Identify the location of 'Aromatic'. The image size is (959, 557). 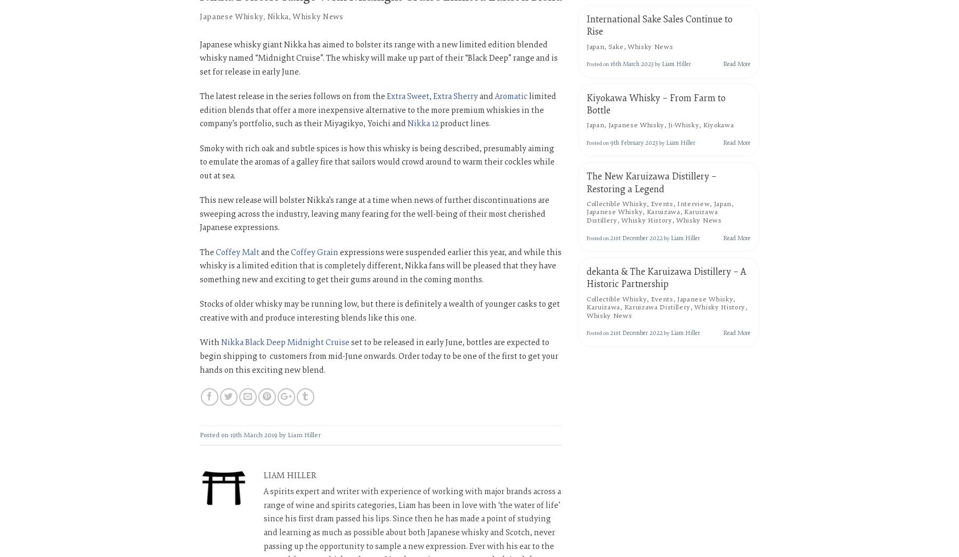
(510, 96).